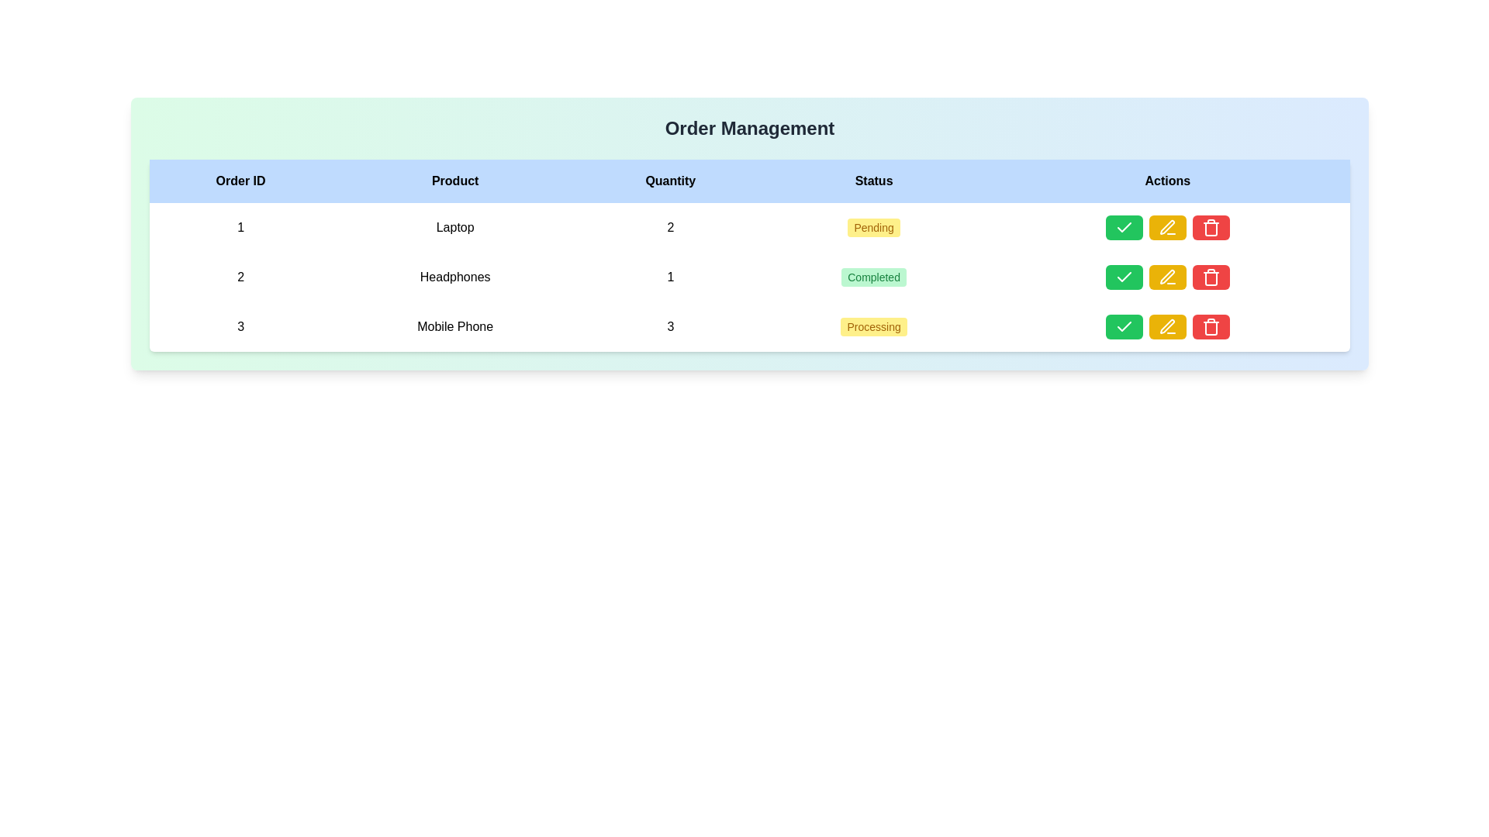 The image size is (1489, 837). Describe the element at coordinates (874, 325) in the screenshot. I see `the rectangular badge with rounded corners that has a yellow background and the text 'Processing', located in the third row under the 'Status' column between the 'Quantity' and 'Actions' columns` at that location.